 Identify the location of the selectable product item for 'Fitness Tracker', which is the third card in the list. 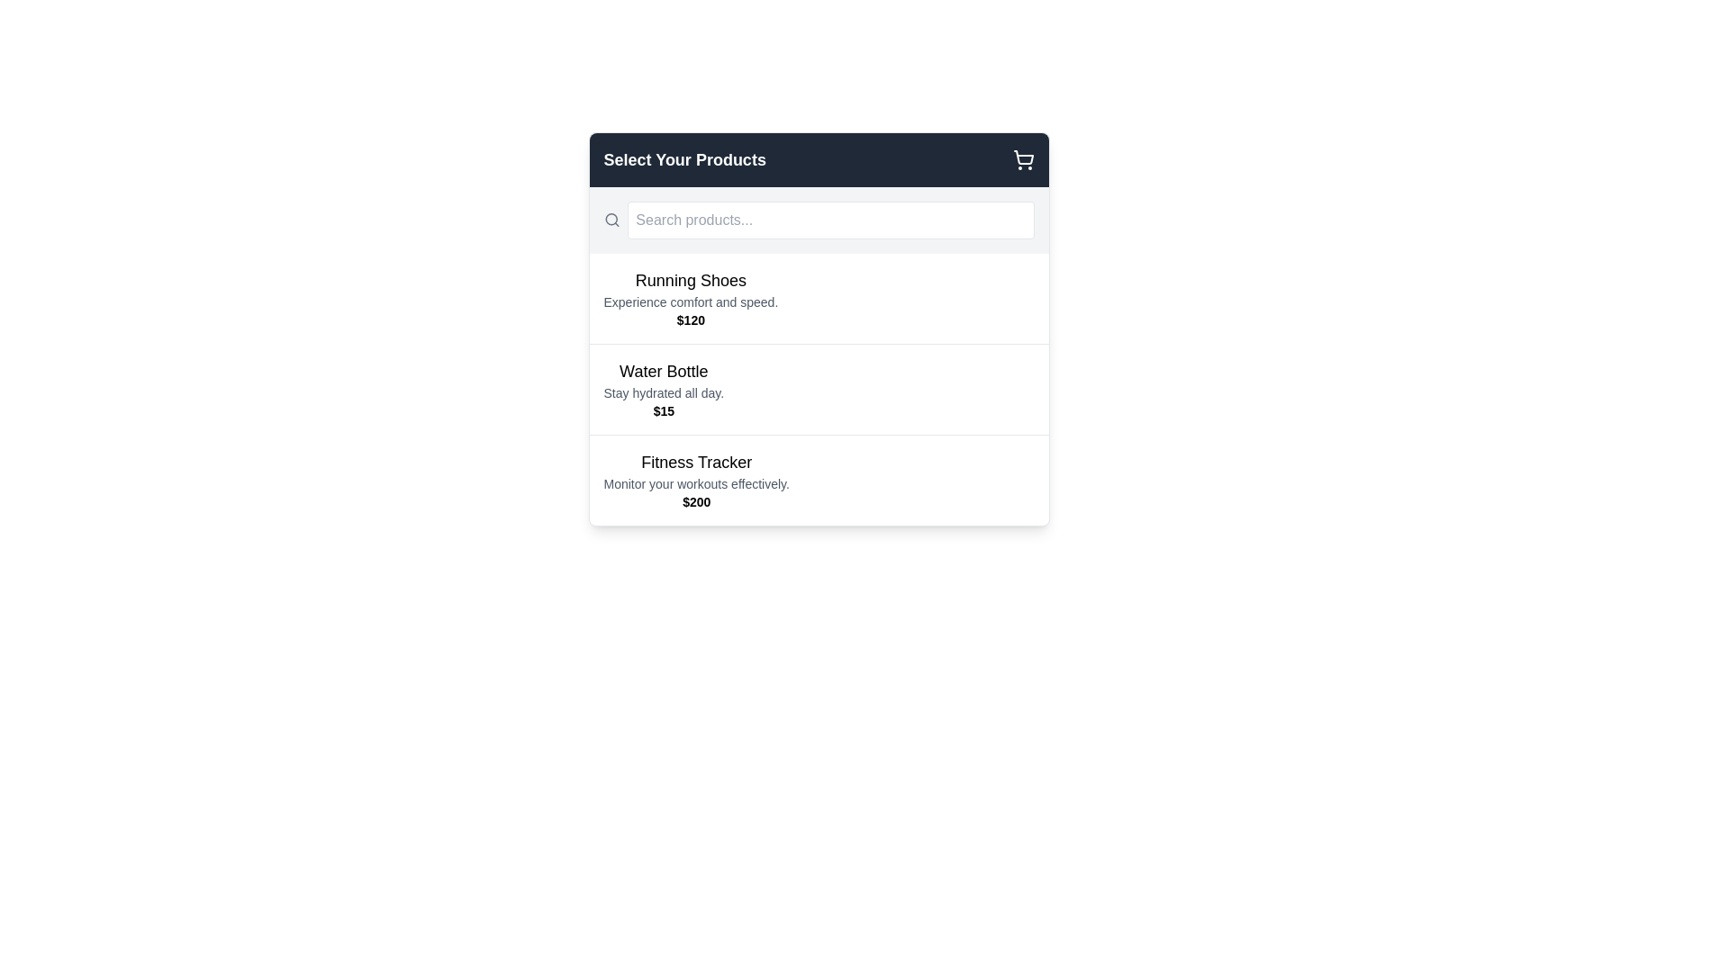
(818, 479).